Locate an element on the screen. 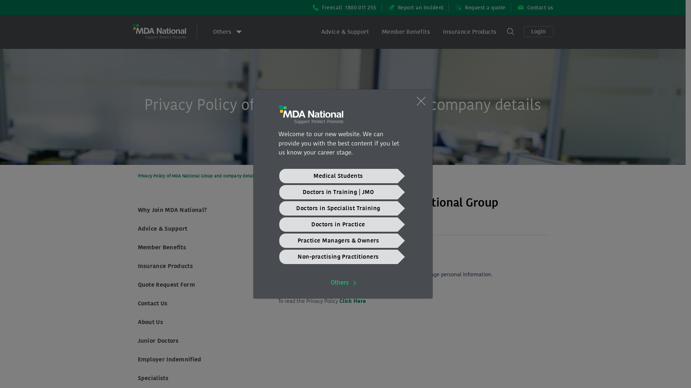 The height and width of the screenshot is (388, 691). 'Quote Request Form' is located at coordinates (137, 284).